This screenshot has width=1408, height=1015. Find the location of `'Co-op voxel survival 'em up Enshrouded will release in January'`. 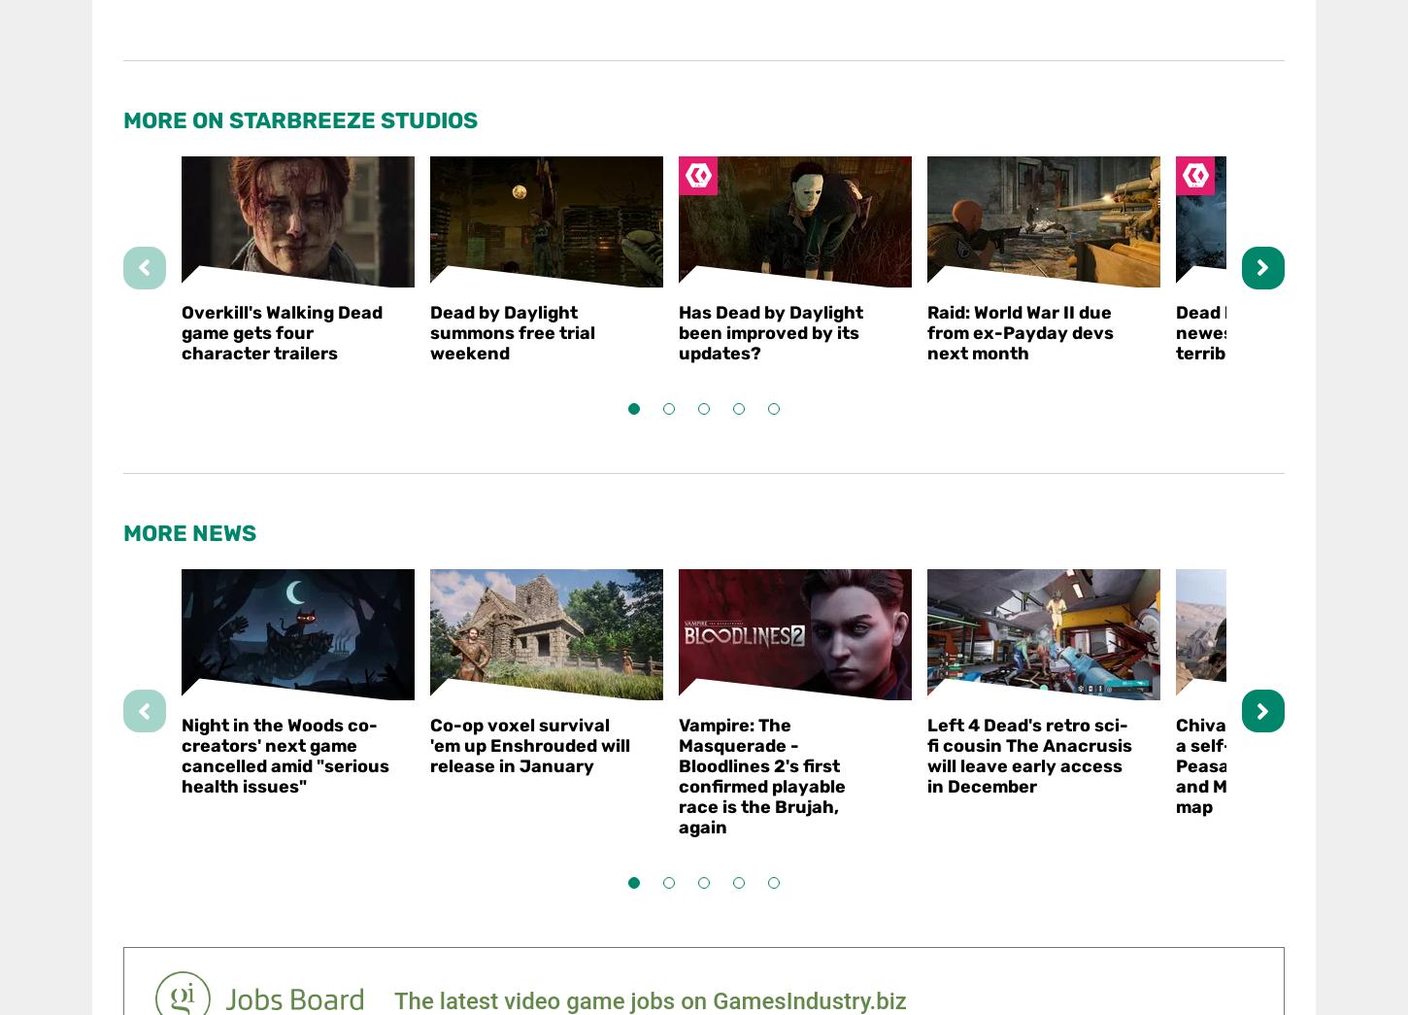

'Co-op voxel survival 'em up Enshrouded will release in January' is located at coordinates (530, 745).